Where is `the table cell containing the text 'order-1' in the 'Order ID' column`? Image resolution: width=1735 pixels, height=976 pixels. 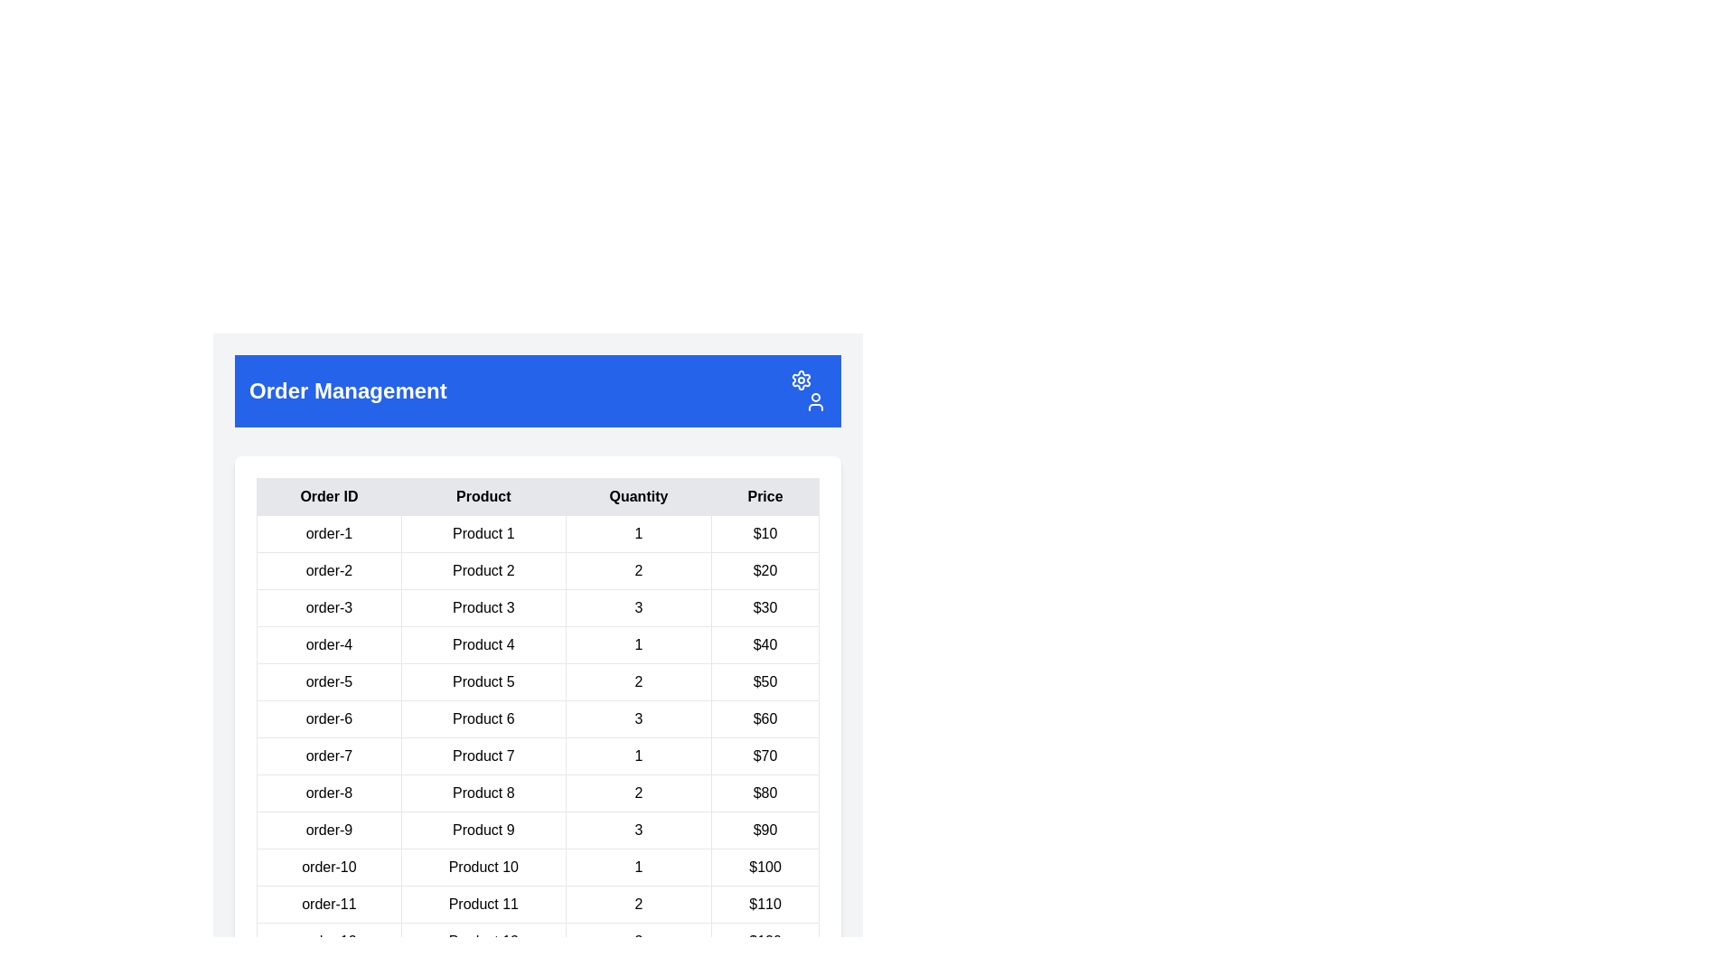
the table cell containing the text 'order-1' in the 'Order ID' column is located at coordinates (329, 532).